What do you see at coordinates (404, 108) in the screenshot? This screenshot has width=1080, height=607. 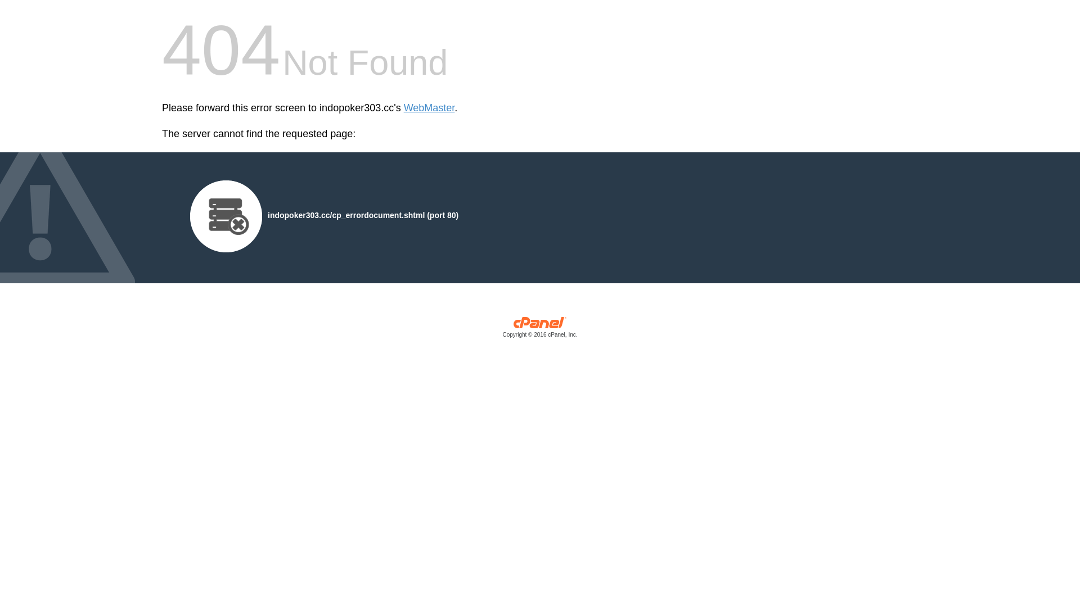 I see `'WebMaster'` at bounding box center [404, 108].